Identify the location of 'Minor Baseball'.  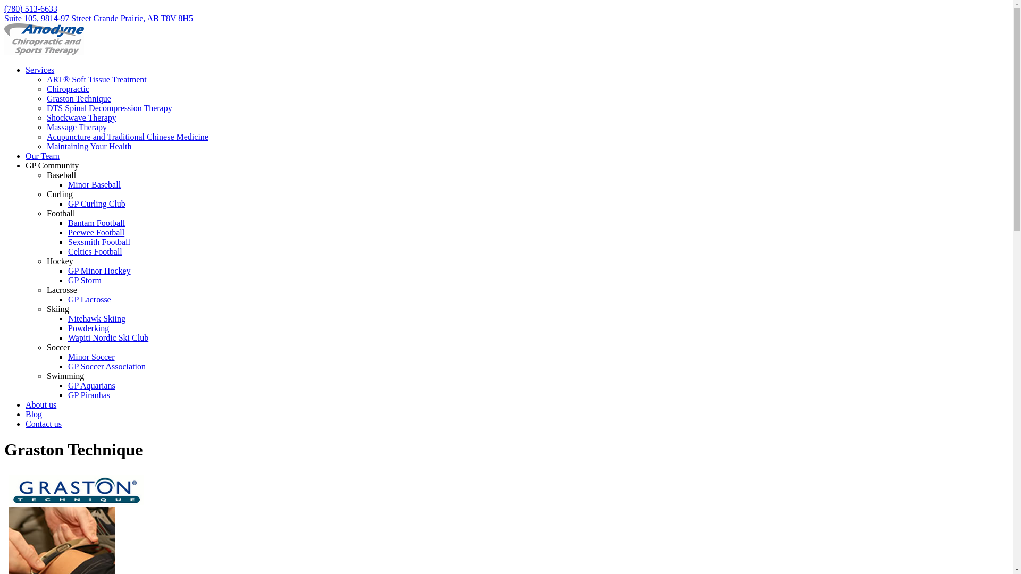
(94, 184).